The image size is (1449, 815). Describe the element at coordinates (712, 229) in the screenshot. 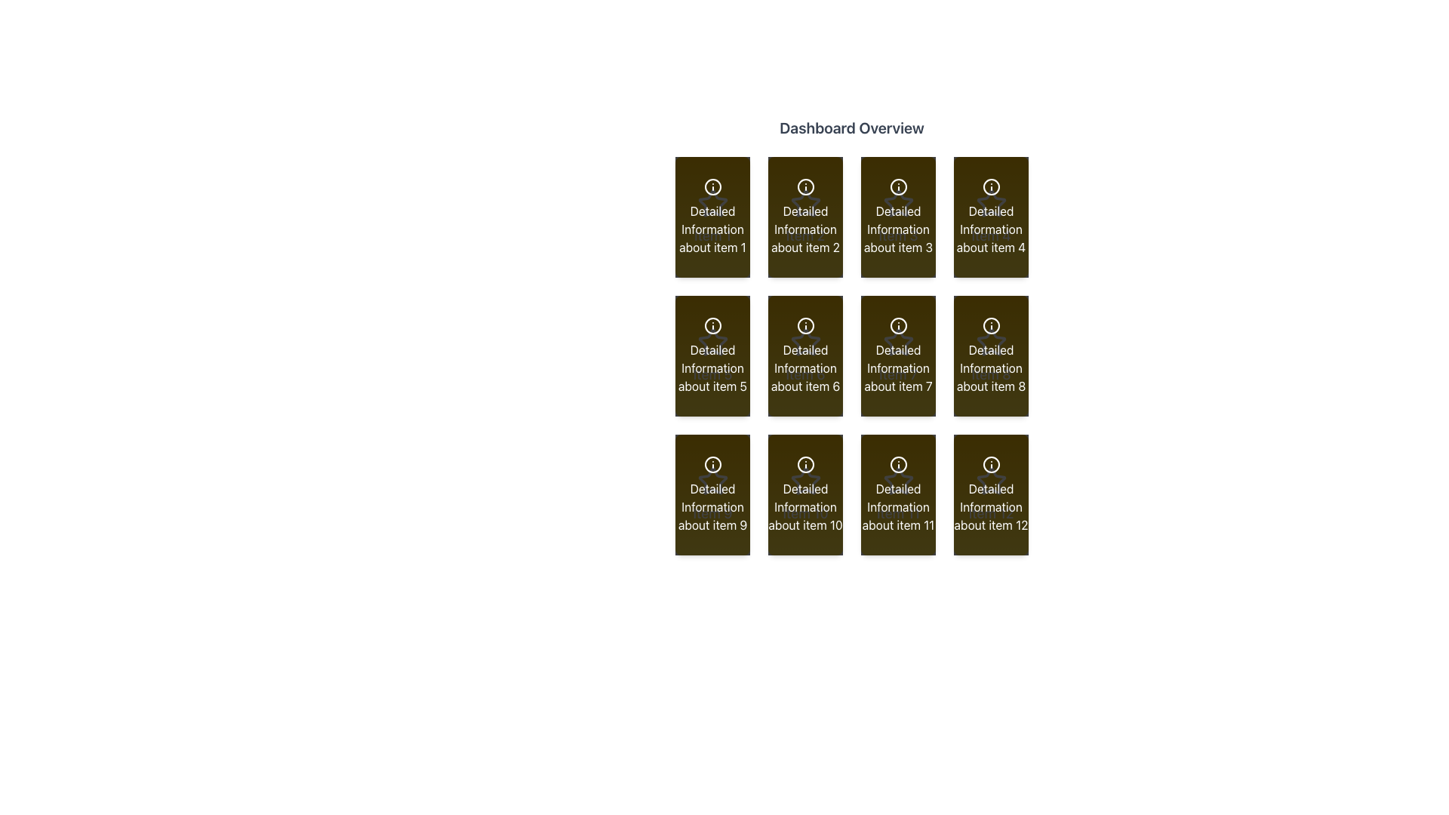

I see `the Text Label that describes item 1 in the top-left card of the 4x3 grid layout` at that location.